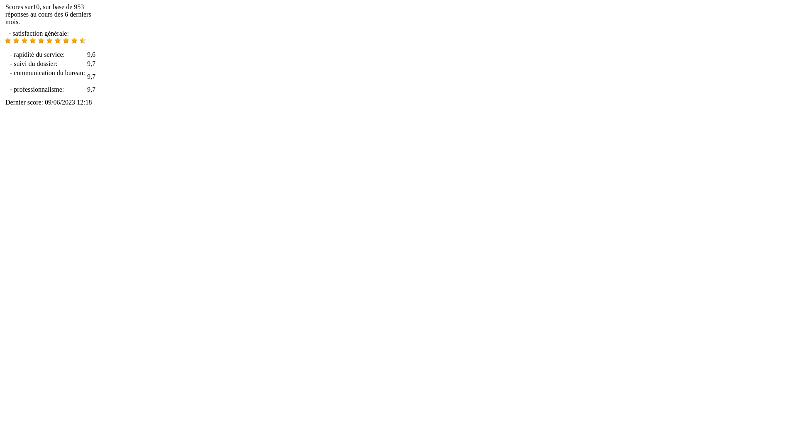 The image size is (797, 448). I want to click on '9.6715634837356', so click(79, 40).